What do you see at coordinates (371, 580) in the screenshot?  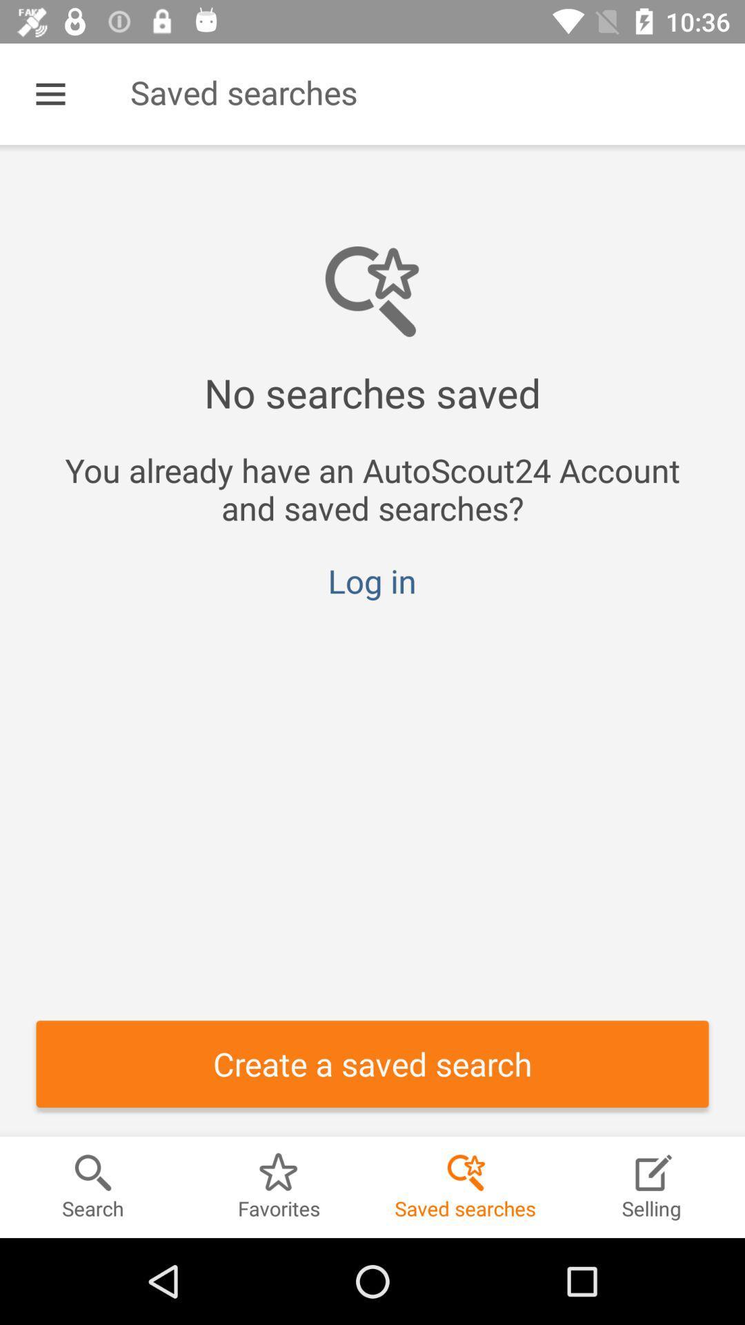 I see `icon below the you already have icon` at bounding box center [371, 580].